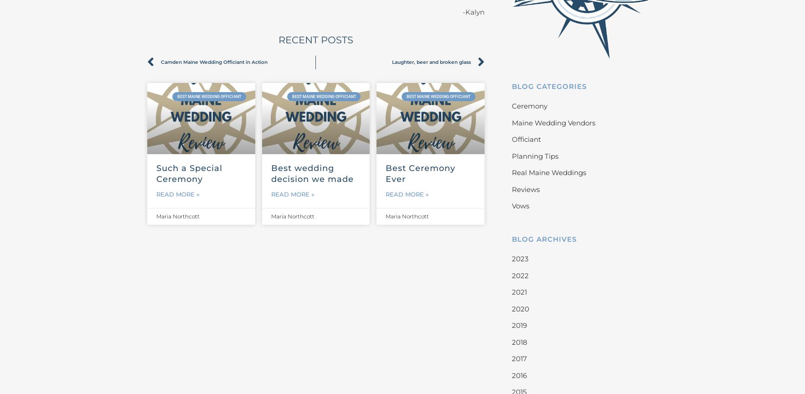  What do you see at coordinates (511, 308) in the screenshot?
I see `'2020'` at bounding box center [511, 308].